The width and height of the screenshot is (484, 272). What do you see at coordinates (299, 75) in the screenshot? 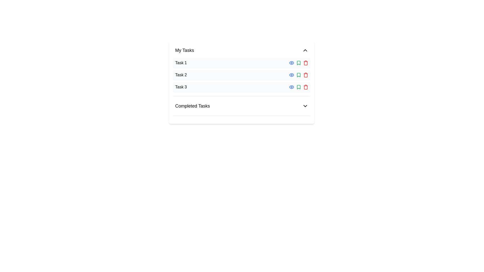
I see `the interactive bookmark icon, which is the second icon from the right in the task entry group, positioned between the eye icon and the trash icon` at bounding box center [299, 75].